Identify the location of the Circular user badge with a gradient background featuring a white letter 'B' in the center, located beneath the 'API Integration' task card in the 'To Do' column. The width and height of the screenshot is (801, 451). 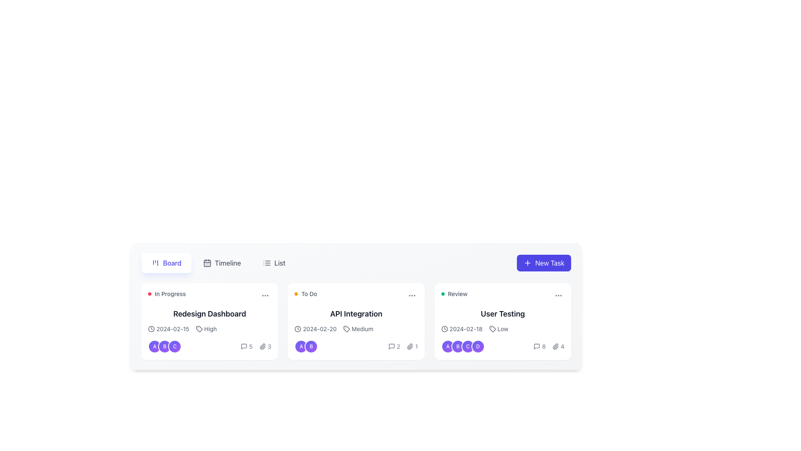
(311, 346).